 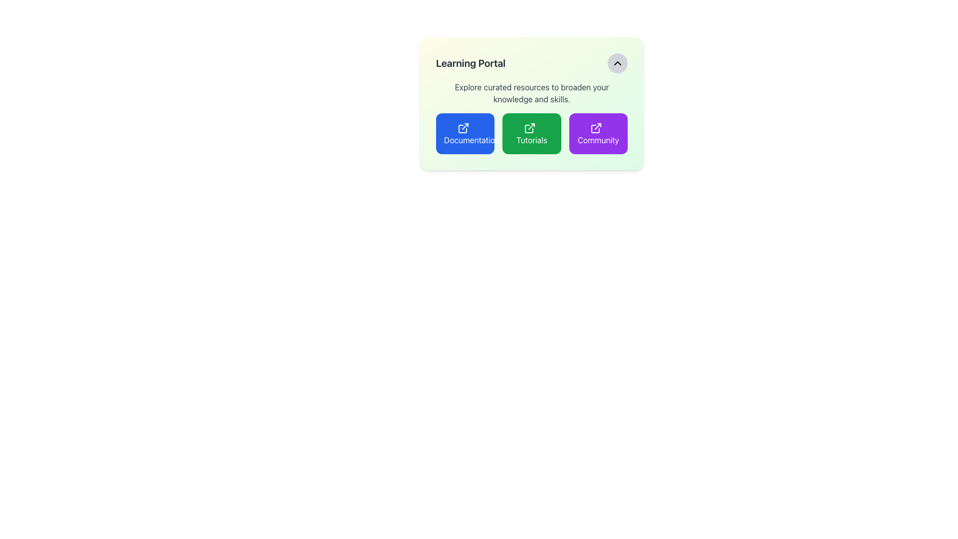 What do you see at coordinates (531, 117) in the screenshot?
I see `the second button in a horizontal group of three, which links to tutorial resources, to observe its hover effects` at bounding box center [531, 117].